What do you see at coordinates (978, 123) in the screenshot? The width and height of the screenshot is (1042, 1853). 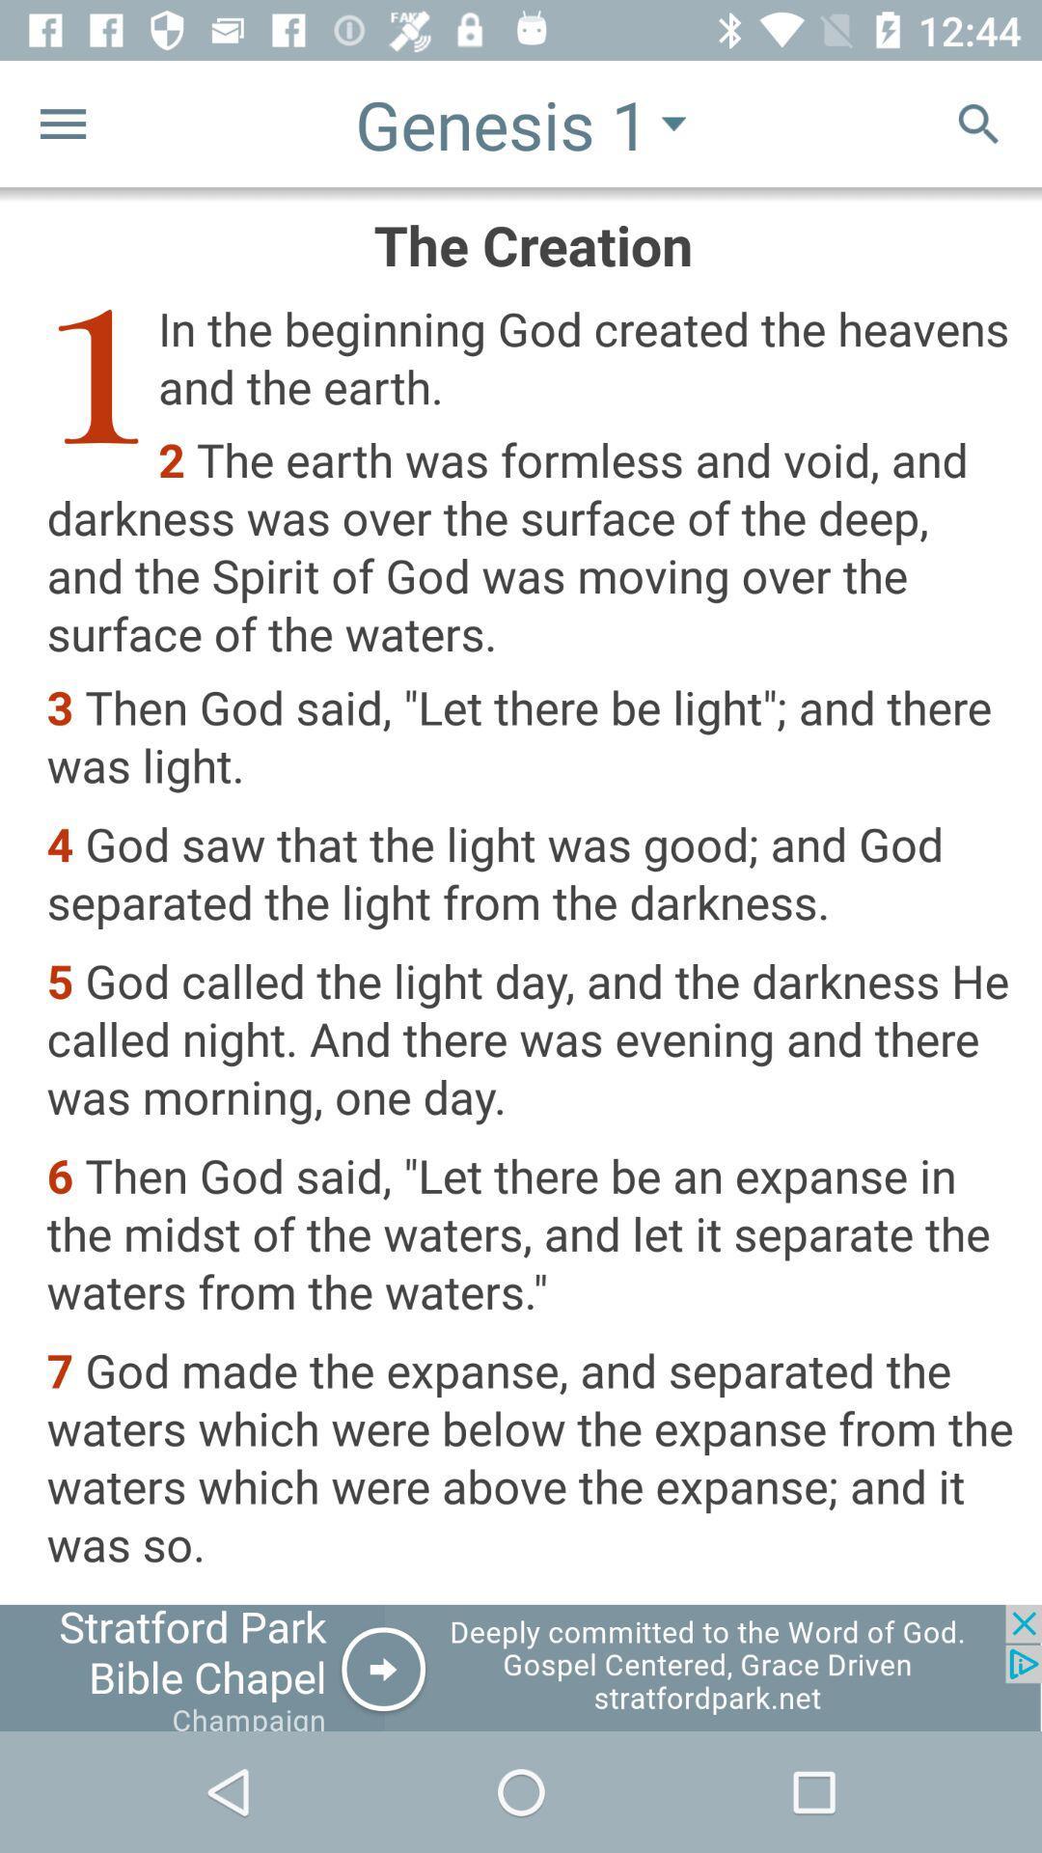 I see `the search icon` at bounding box center [978, 123].